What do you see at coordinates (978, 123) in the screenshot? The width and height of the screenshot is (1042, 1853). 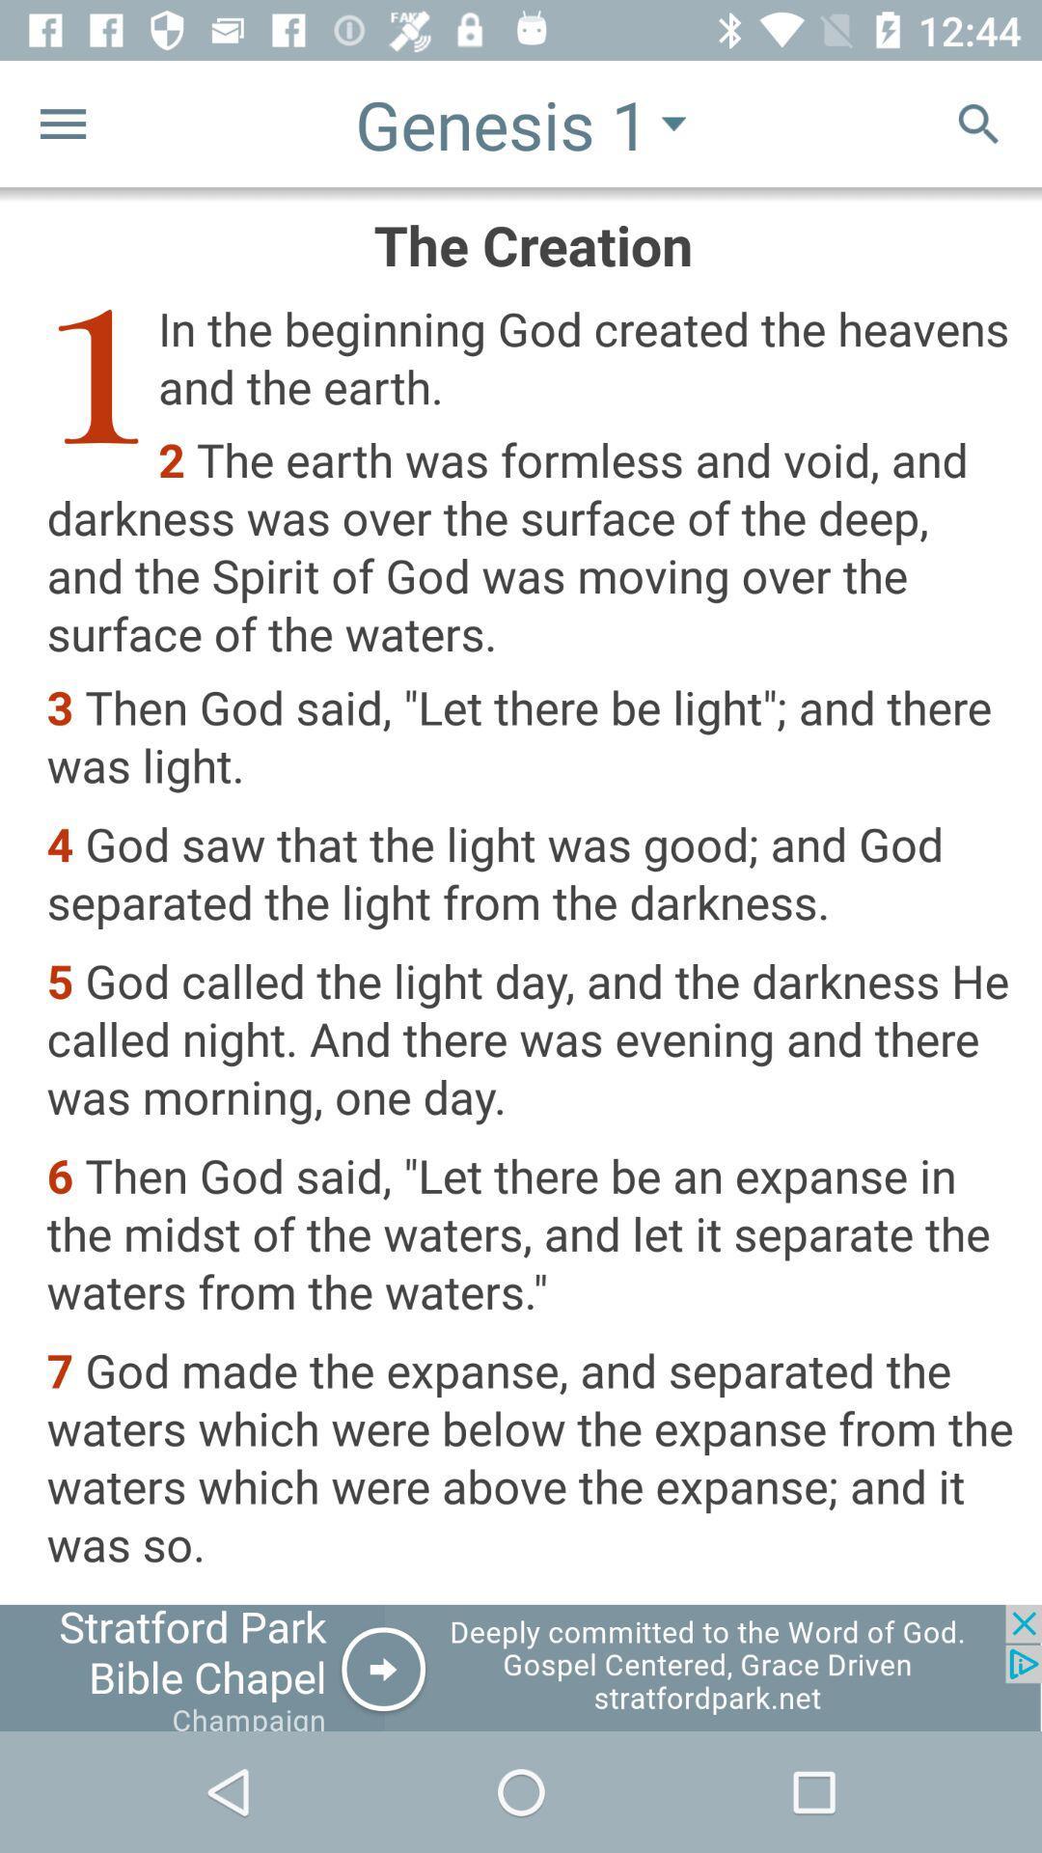 I see `the search icon` at bounding box center [978, 123].